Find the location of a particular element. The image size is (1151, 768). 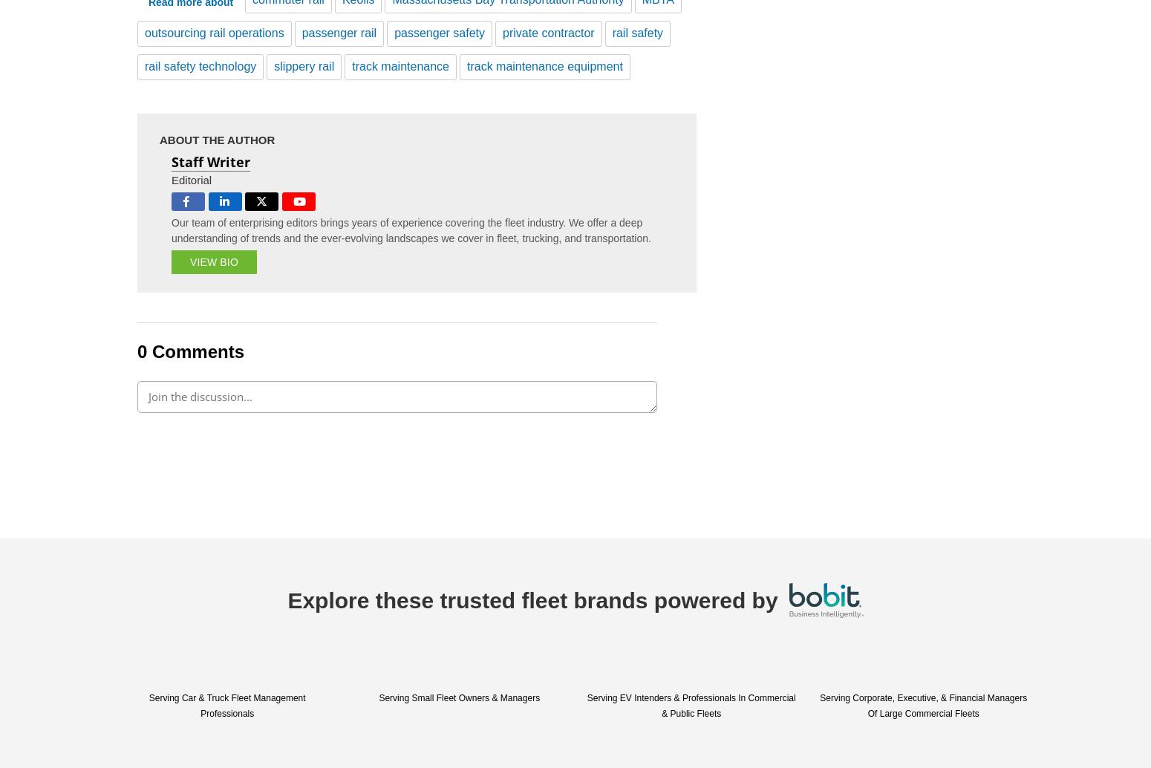

'passenger rail' is located at coordinates (339, 32).